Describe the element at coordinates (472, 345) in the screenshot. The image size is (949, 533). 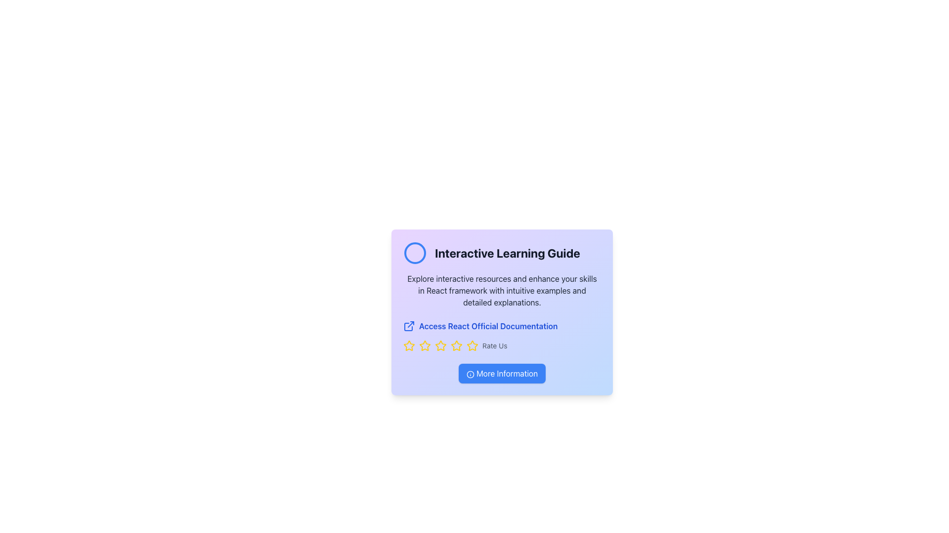
I see `the yellow star icon` at that location.